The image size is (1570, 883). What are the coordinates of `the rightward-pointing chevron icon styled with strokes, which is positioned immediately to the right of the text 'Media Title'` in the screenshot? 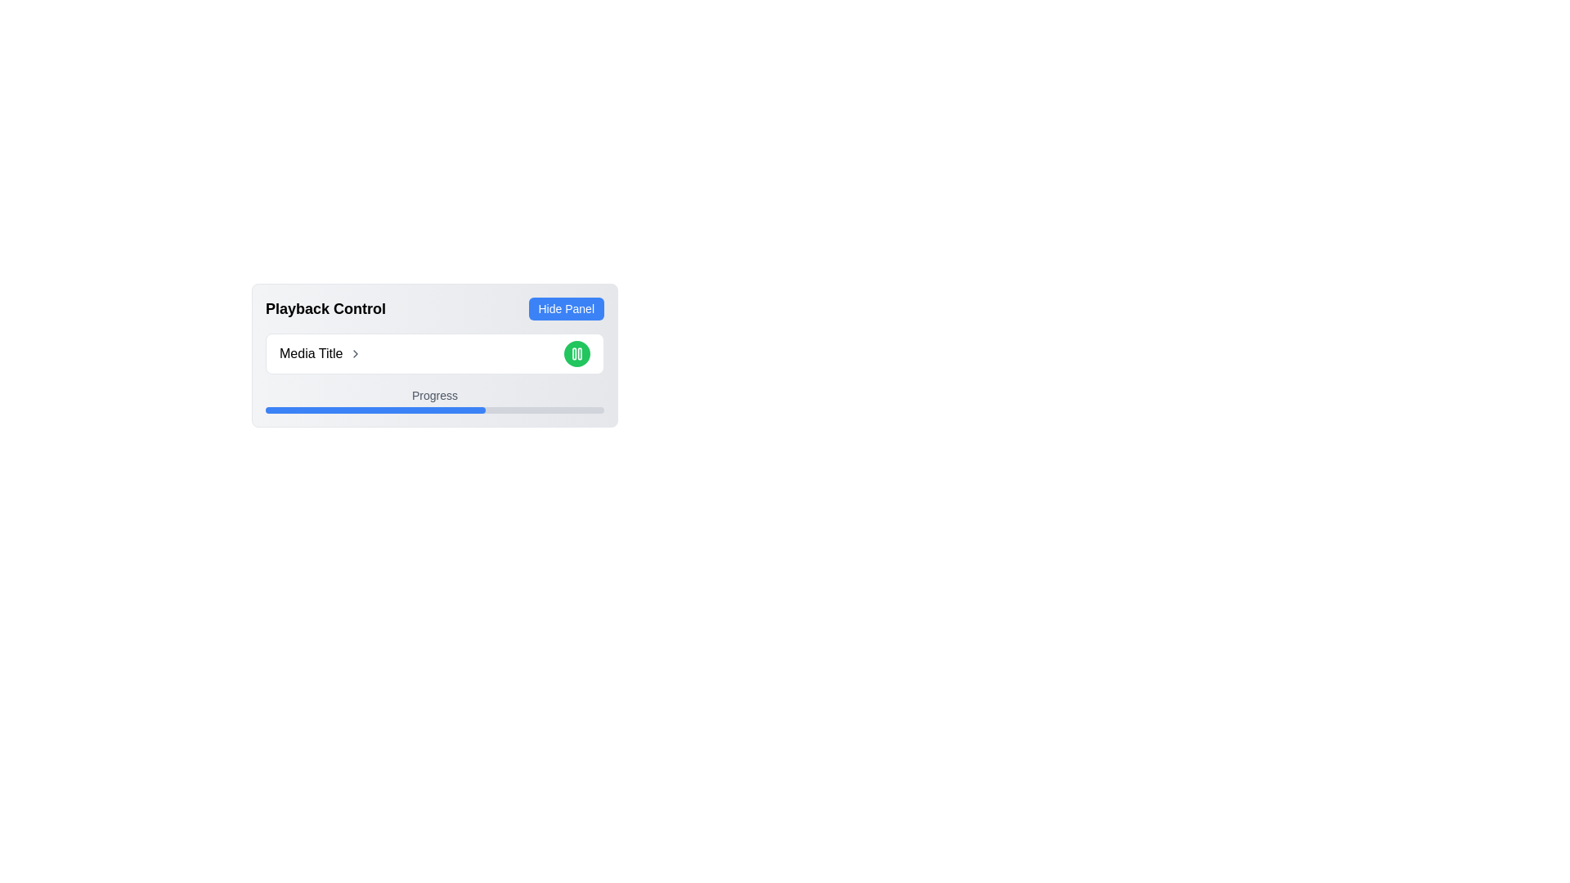 It's located at (355, 352).